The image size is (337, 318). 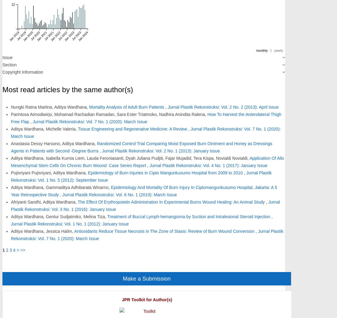 What do you see at coordinates (223, 107) in the screenshot?
I see `'Jurnal Plastik Rekonstruksi: Vol. 2 No. 2 (2013): April Issue'` at bounding box center [223, 107].